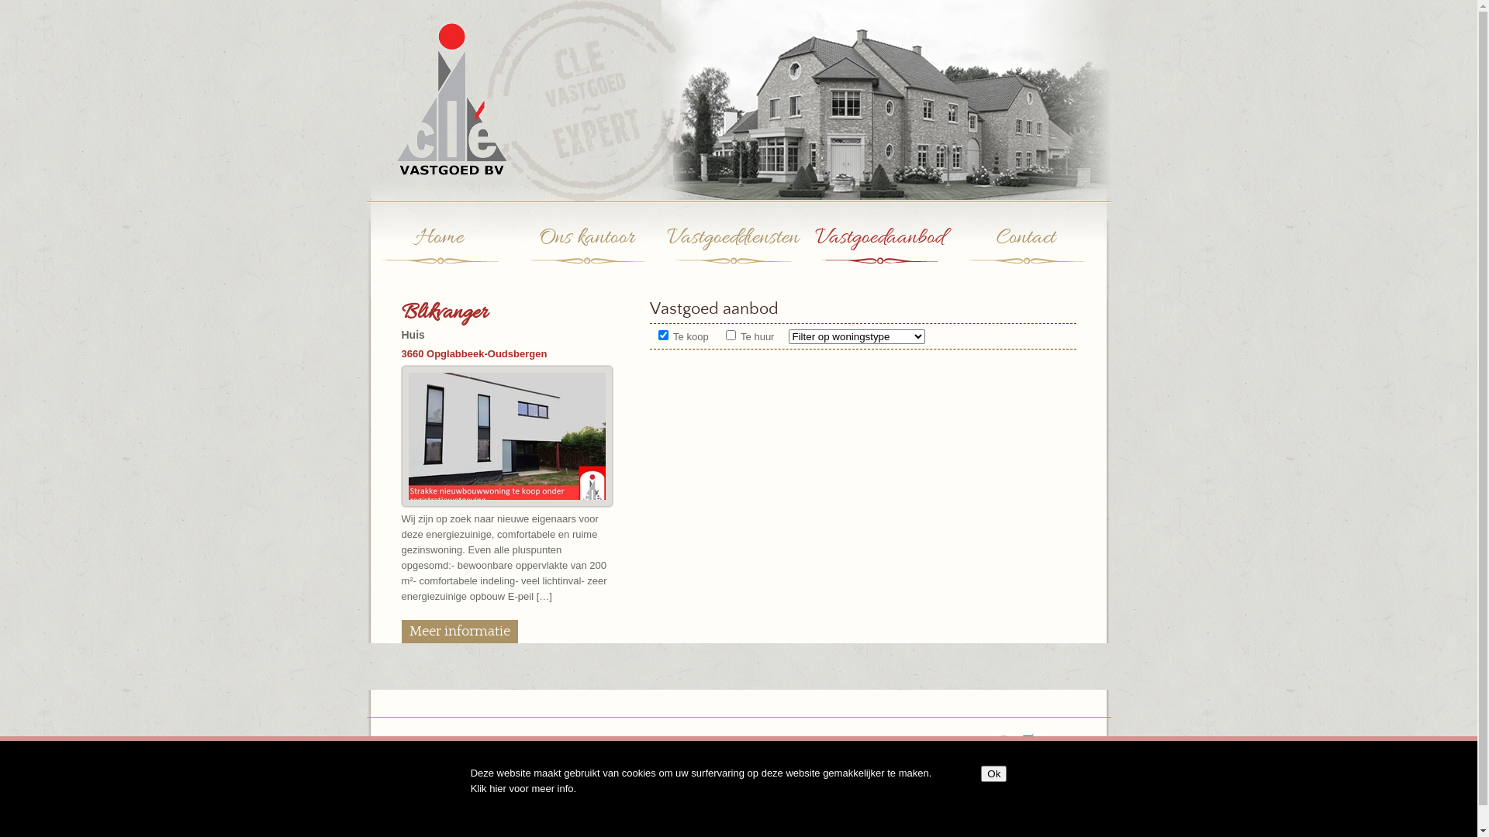 Image resolution: width=1489 pixels, height=837 pixels. Describe the element at coordinates (1025, 253) in the screenshot. I see `'Contact'` at that location.